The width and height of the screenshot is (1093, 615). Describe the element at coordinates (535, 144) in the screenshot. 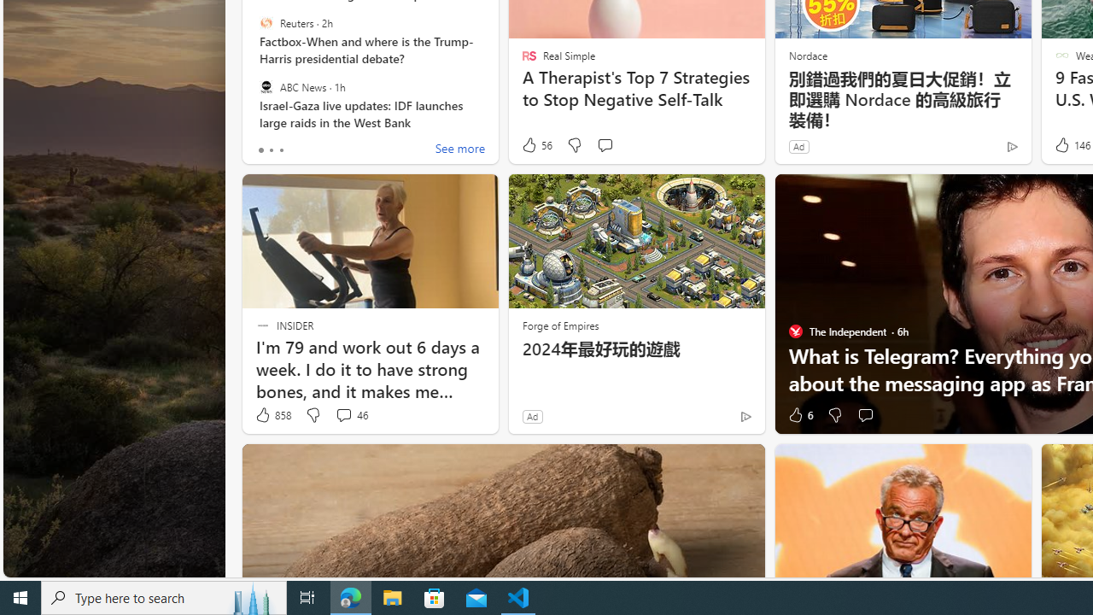

I see `'56 Like'` at that location.